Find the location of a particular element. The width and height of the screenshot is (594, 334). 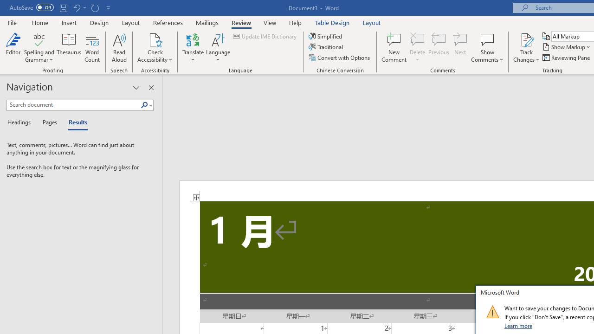

'Convert with Options...' is located at coordinates (339, 58).